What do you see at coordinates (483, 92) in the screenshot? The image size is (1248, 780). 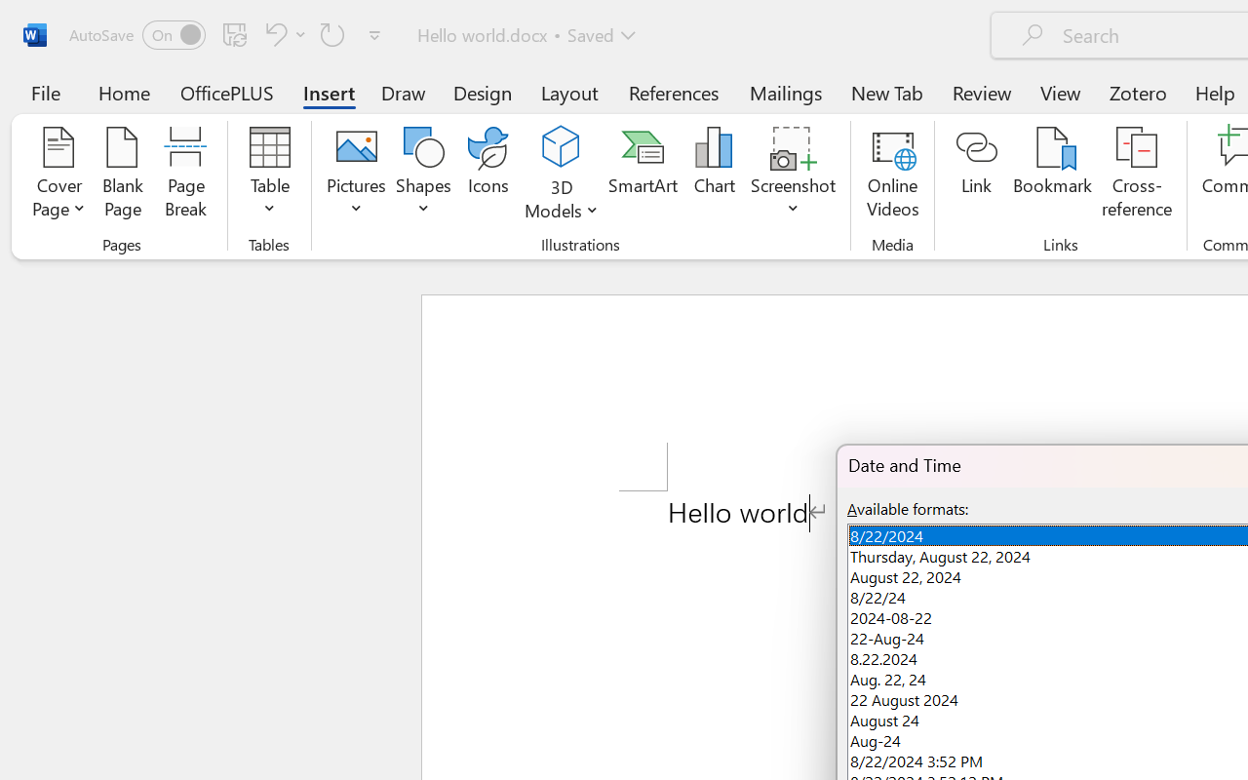 I see `'Design'` at bounding box center [483, 92].